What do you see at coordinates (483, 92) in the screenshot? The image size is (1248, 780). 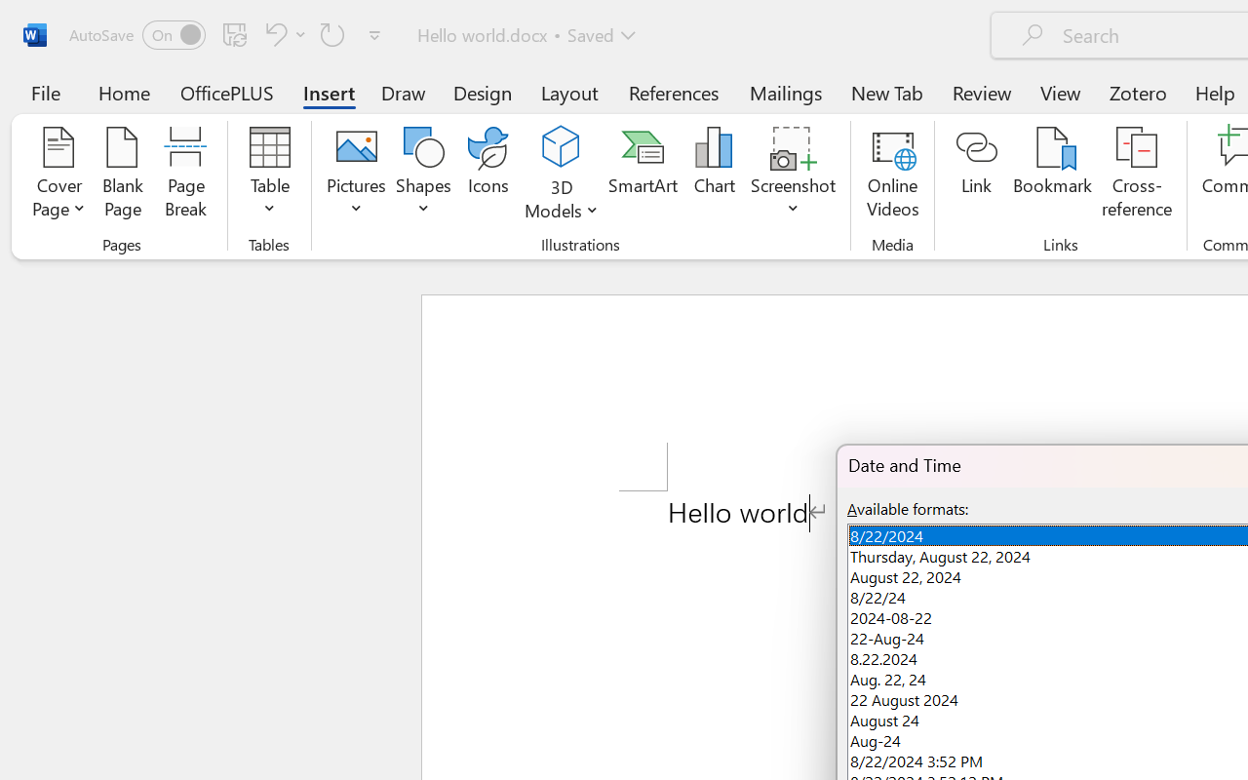 I see `'Design'` at bounding box center [483, 92].